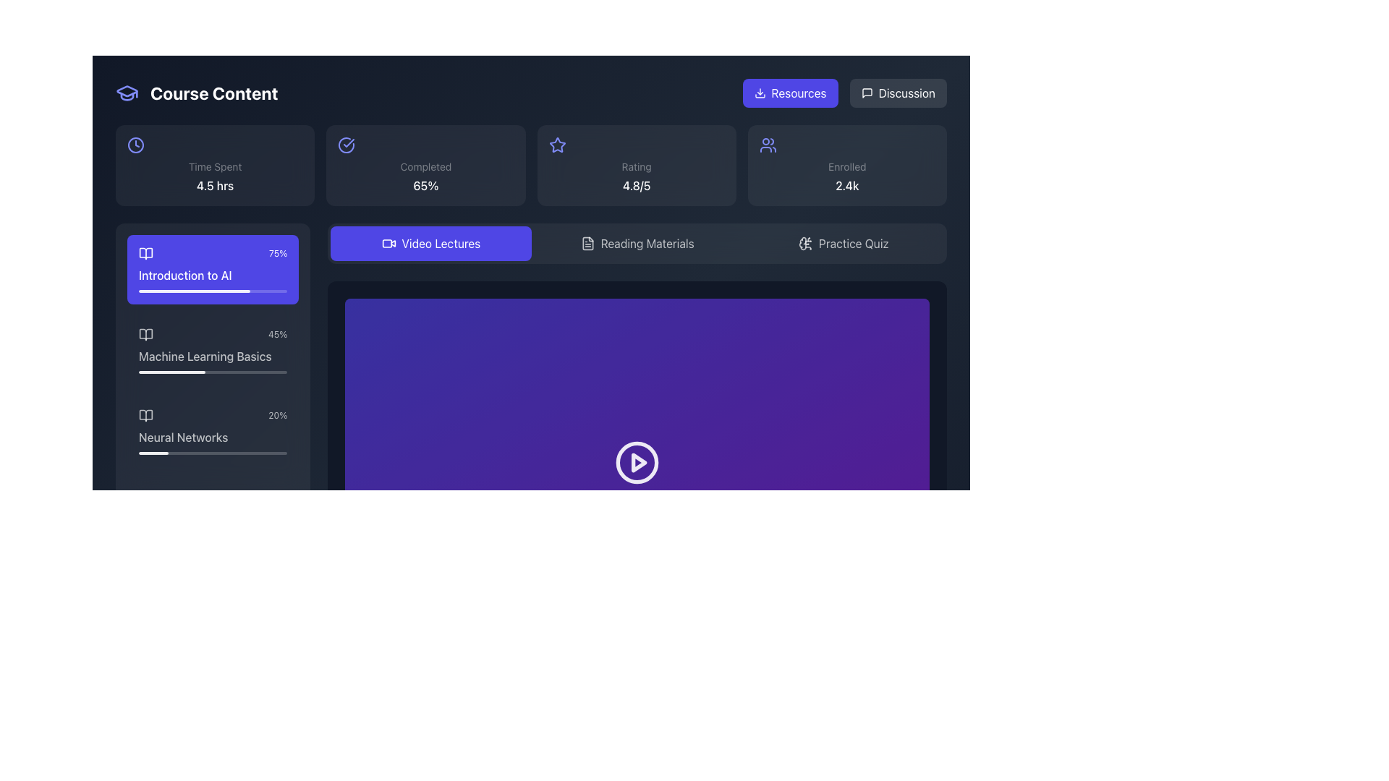 The width and height of the screenshot is (1389, 781). What do you see at coordinates (844, 93) in the screenshot?
I see `the 'Resources' section of the Tab navigation header, which has a prominent indigo background and white text` at bounding box center [844, 93].